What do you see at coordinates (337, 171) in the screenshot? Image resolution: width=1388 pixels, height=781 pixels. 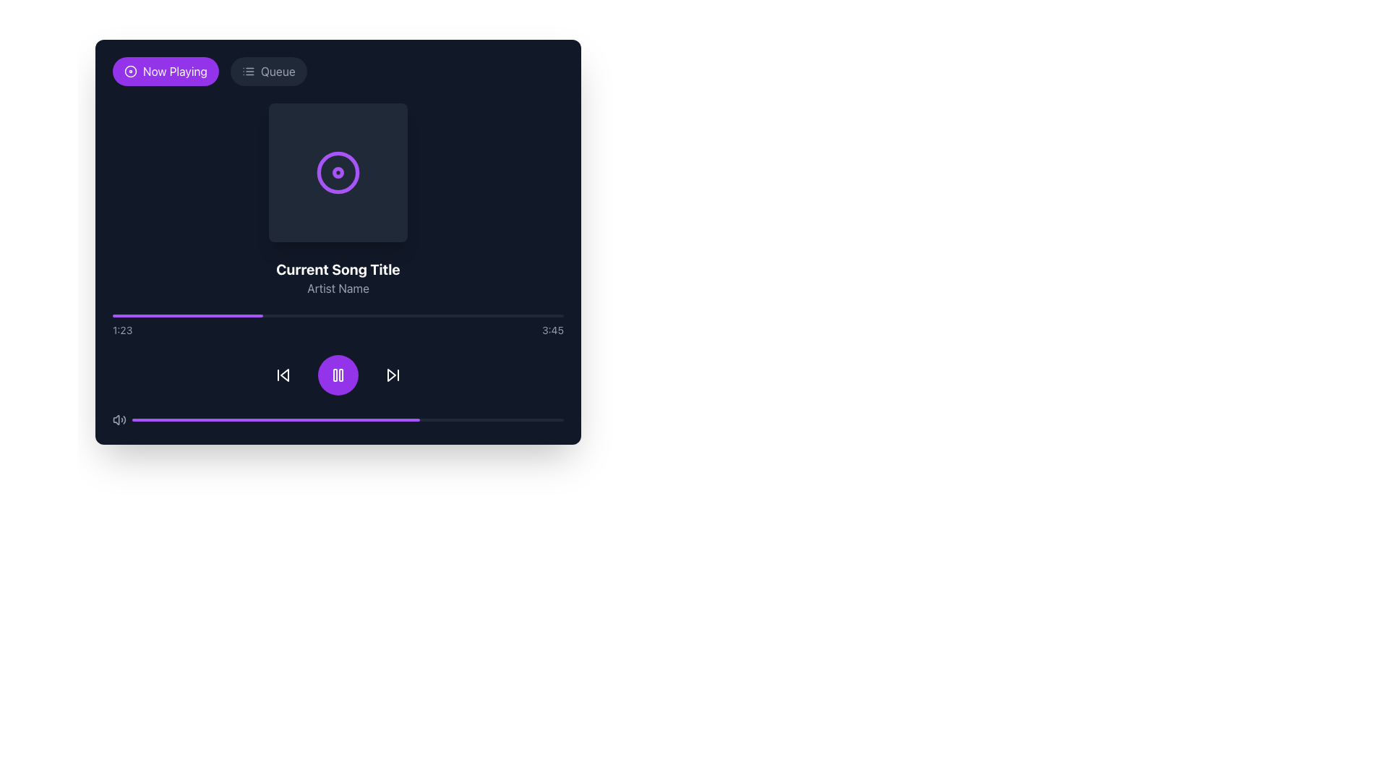 I see `the decorative circle element indicating activity or status, located at the top-center of the main interface` at bounding box center [337, 171].